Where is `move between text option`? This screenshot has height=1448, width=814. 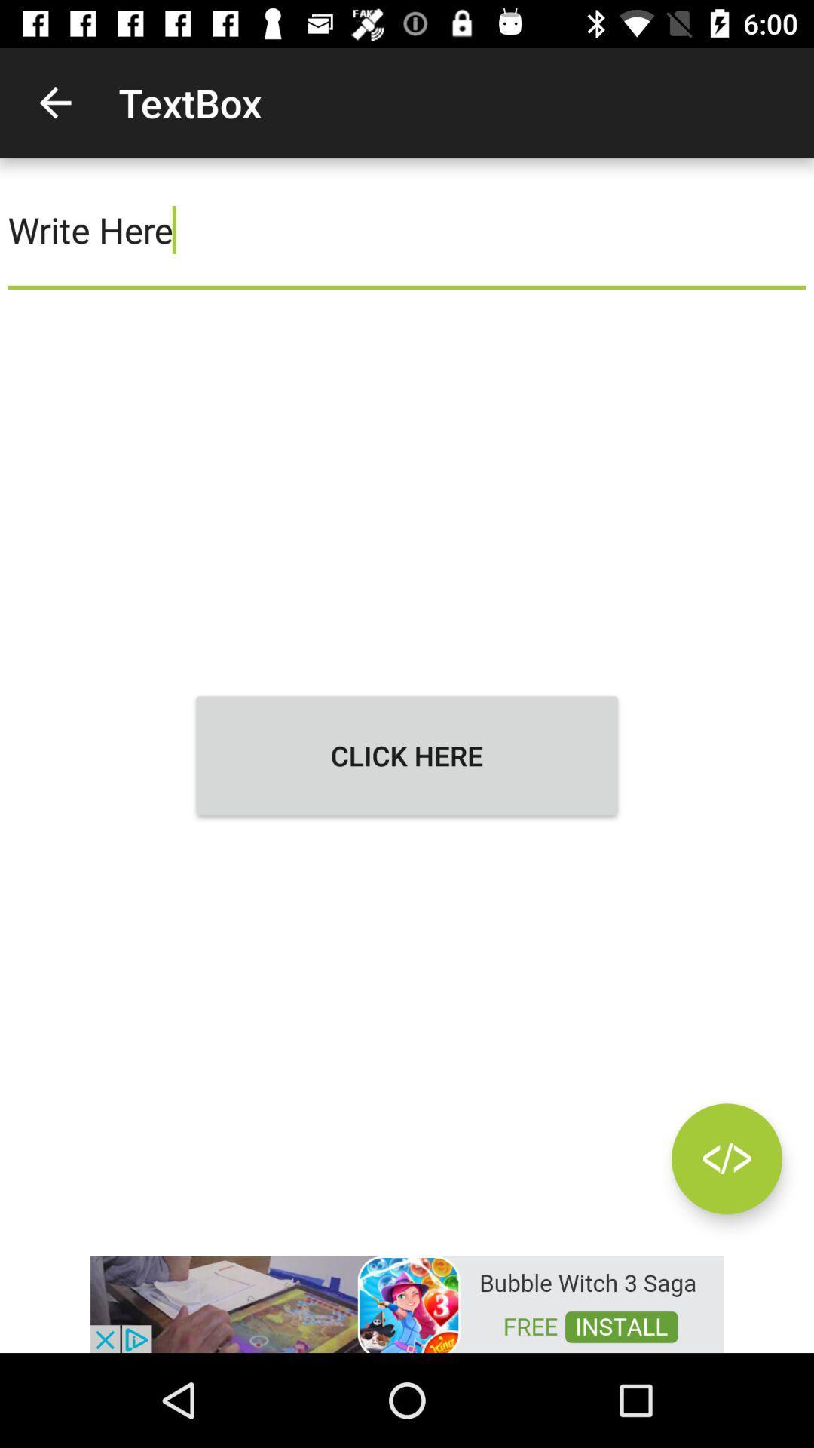 move between text option is located at coordinates (726, 1158).